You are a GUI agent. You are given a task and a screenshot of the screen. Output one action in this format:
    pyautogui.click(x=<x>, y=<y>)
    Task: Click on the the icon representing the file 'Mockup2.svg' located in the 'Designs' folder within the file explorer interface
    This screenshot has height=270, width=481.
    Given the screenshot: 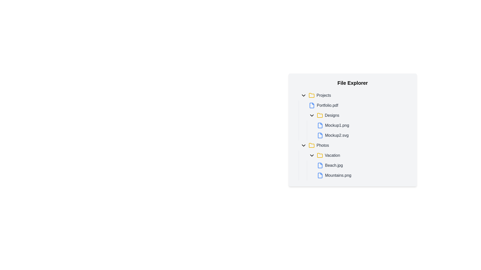 What is the action you would take?
    pyautogui.click(x=320, y=135)
    